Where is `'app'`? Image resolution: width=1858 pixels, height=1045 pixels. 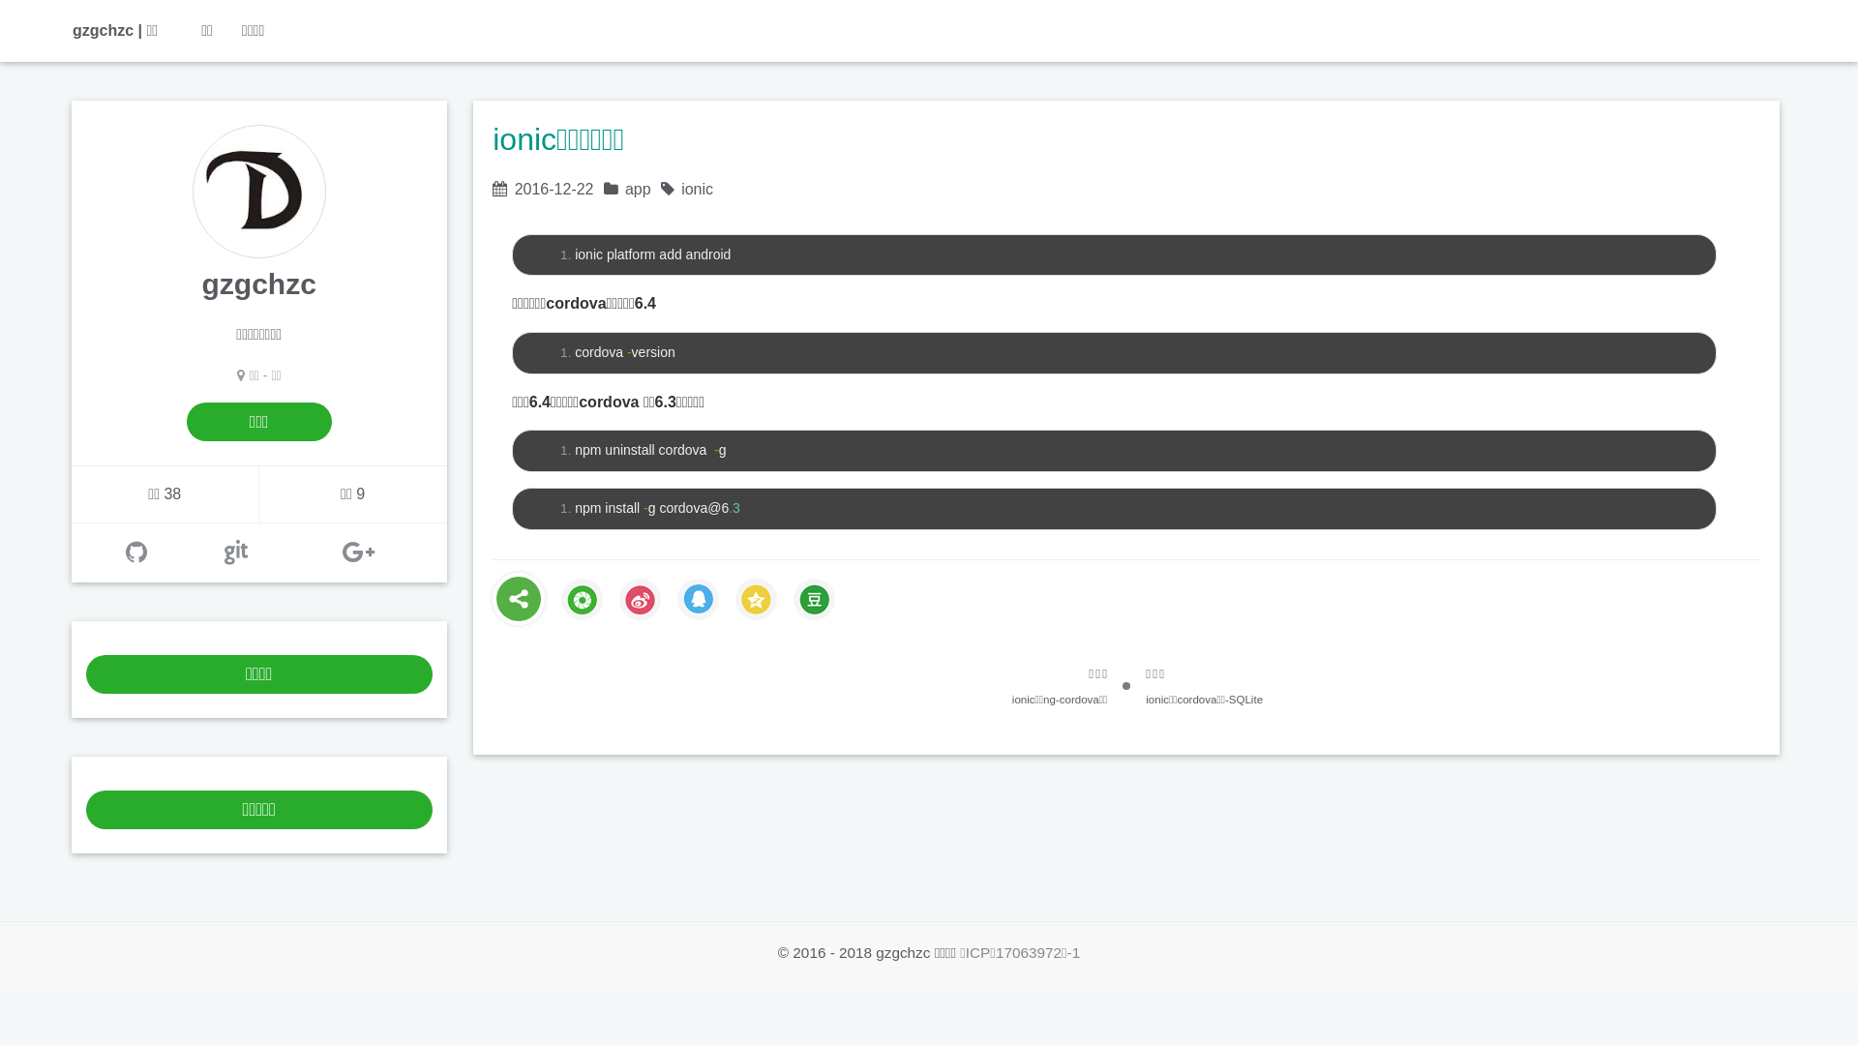 'app' is located at coordinates (625, 189).